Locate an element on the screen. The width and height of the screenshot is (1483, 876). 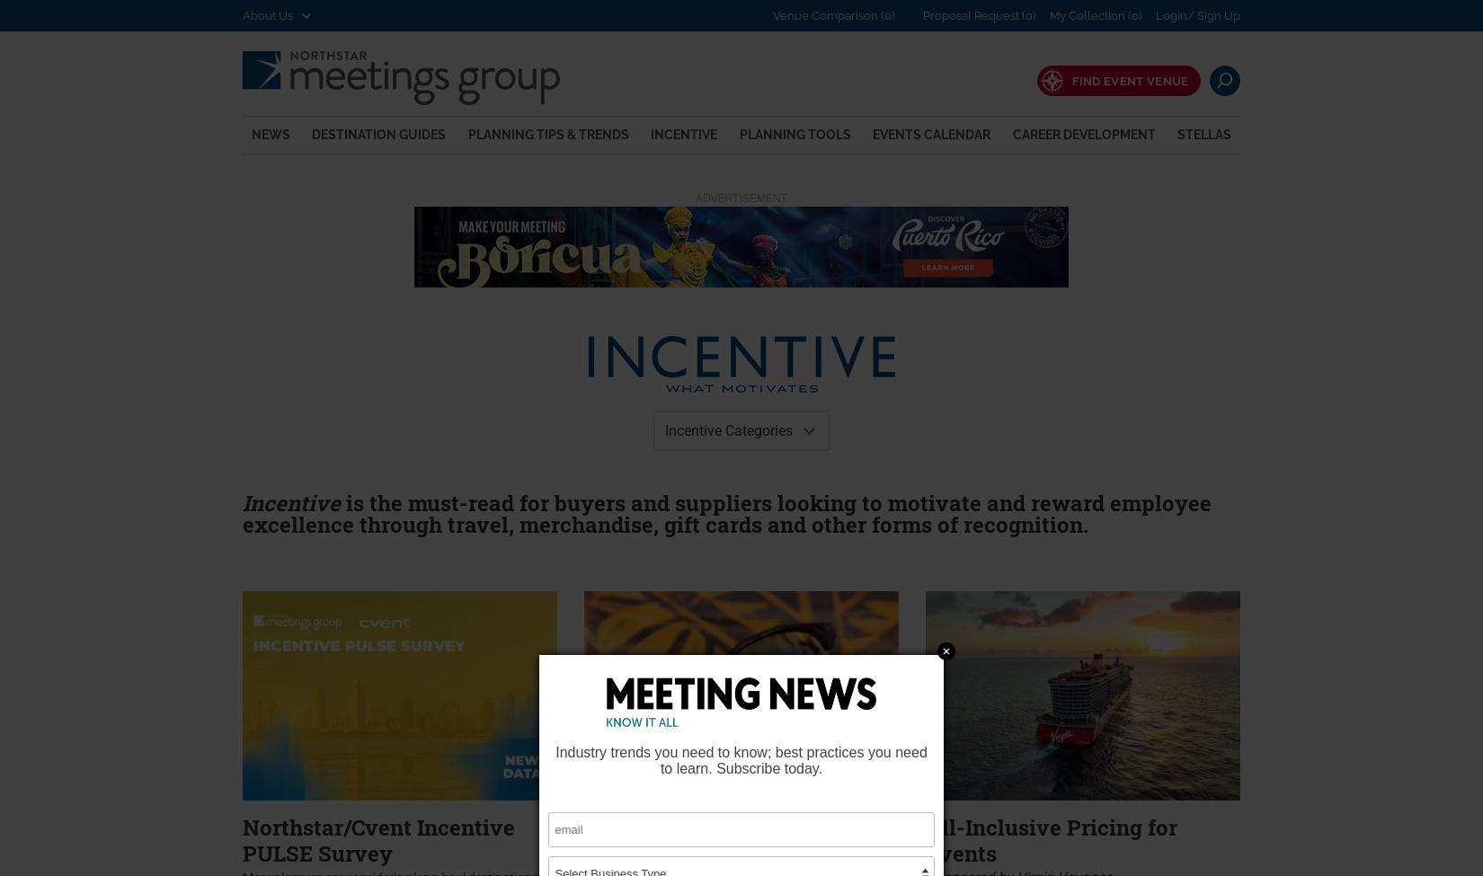
'Stellas' is located at coordinates (1202, 132).